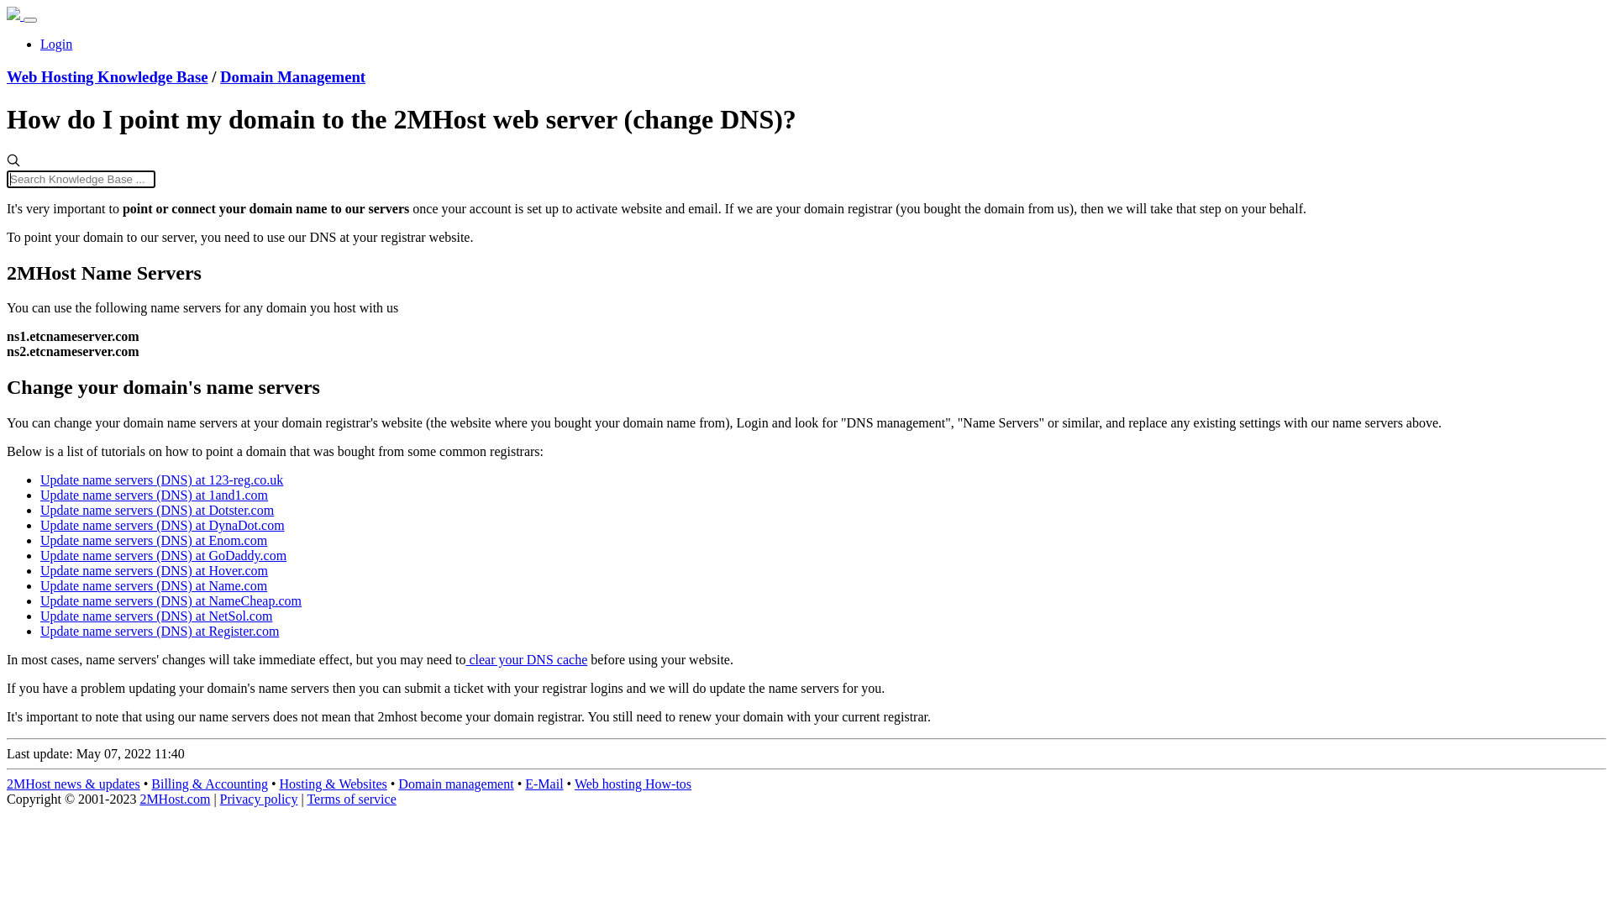 The height and width of the screenshot is (907, 1613). What do you see at coordinates (139, 798) in the screenshot?
I see `'2MHost.com'` at bounding box center [139, 798].